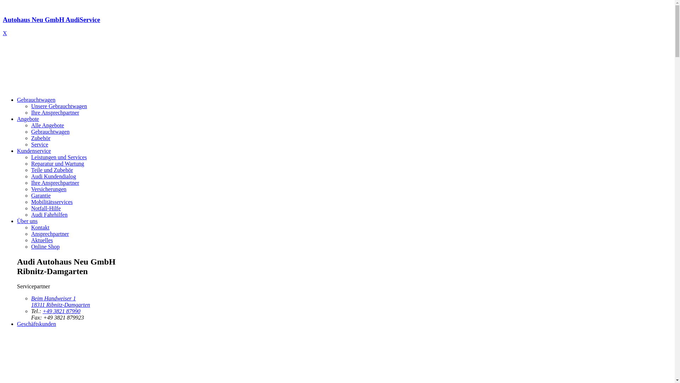  What do you see at coordinates (30, 208) in the screenshot?
I see `'Notfall-Hilfe'` at bounding box center [30, 208].